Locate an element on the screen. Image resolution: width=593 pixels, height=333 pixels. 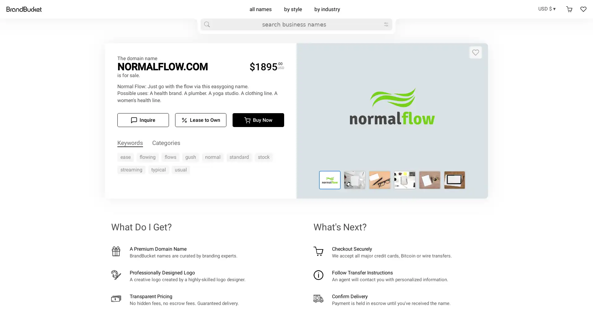
Logo for normalflow.com is located at coordinates (355, 180).